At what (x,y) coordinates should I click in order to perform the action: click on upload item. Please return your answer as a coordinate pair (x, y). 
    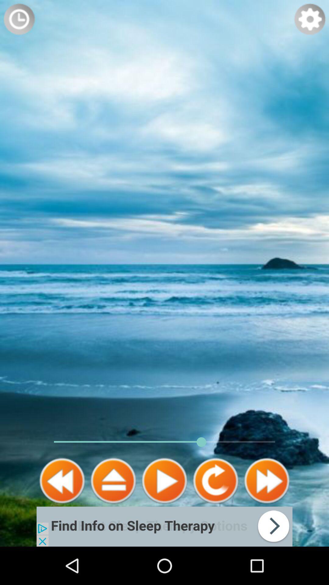
    Looking at the image, I should click on (113, 480).